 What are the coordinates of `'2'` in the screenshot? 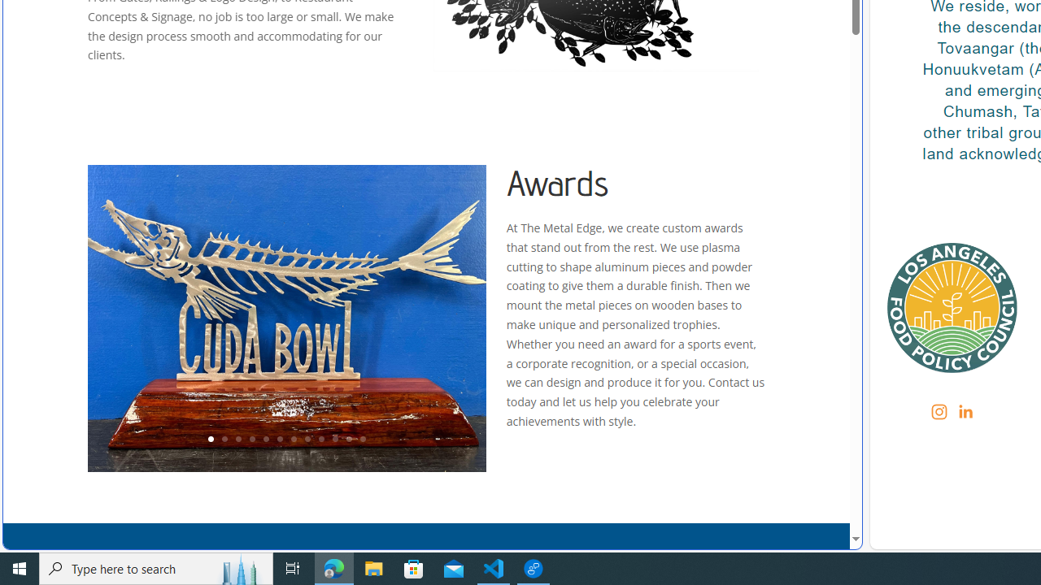 It's located at (223, 440).